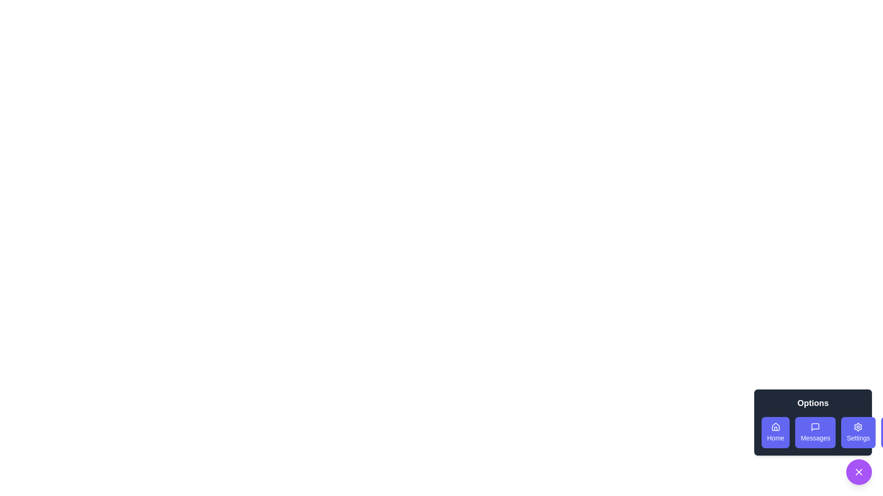 The image size is (883, 496). What do you see at coordinates (858, 427) in the screenshot?
I see `the settings icon located at the bottom right of the interface` at bounding box center [858, 427].